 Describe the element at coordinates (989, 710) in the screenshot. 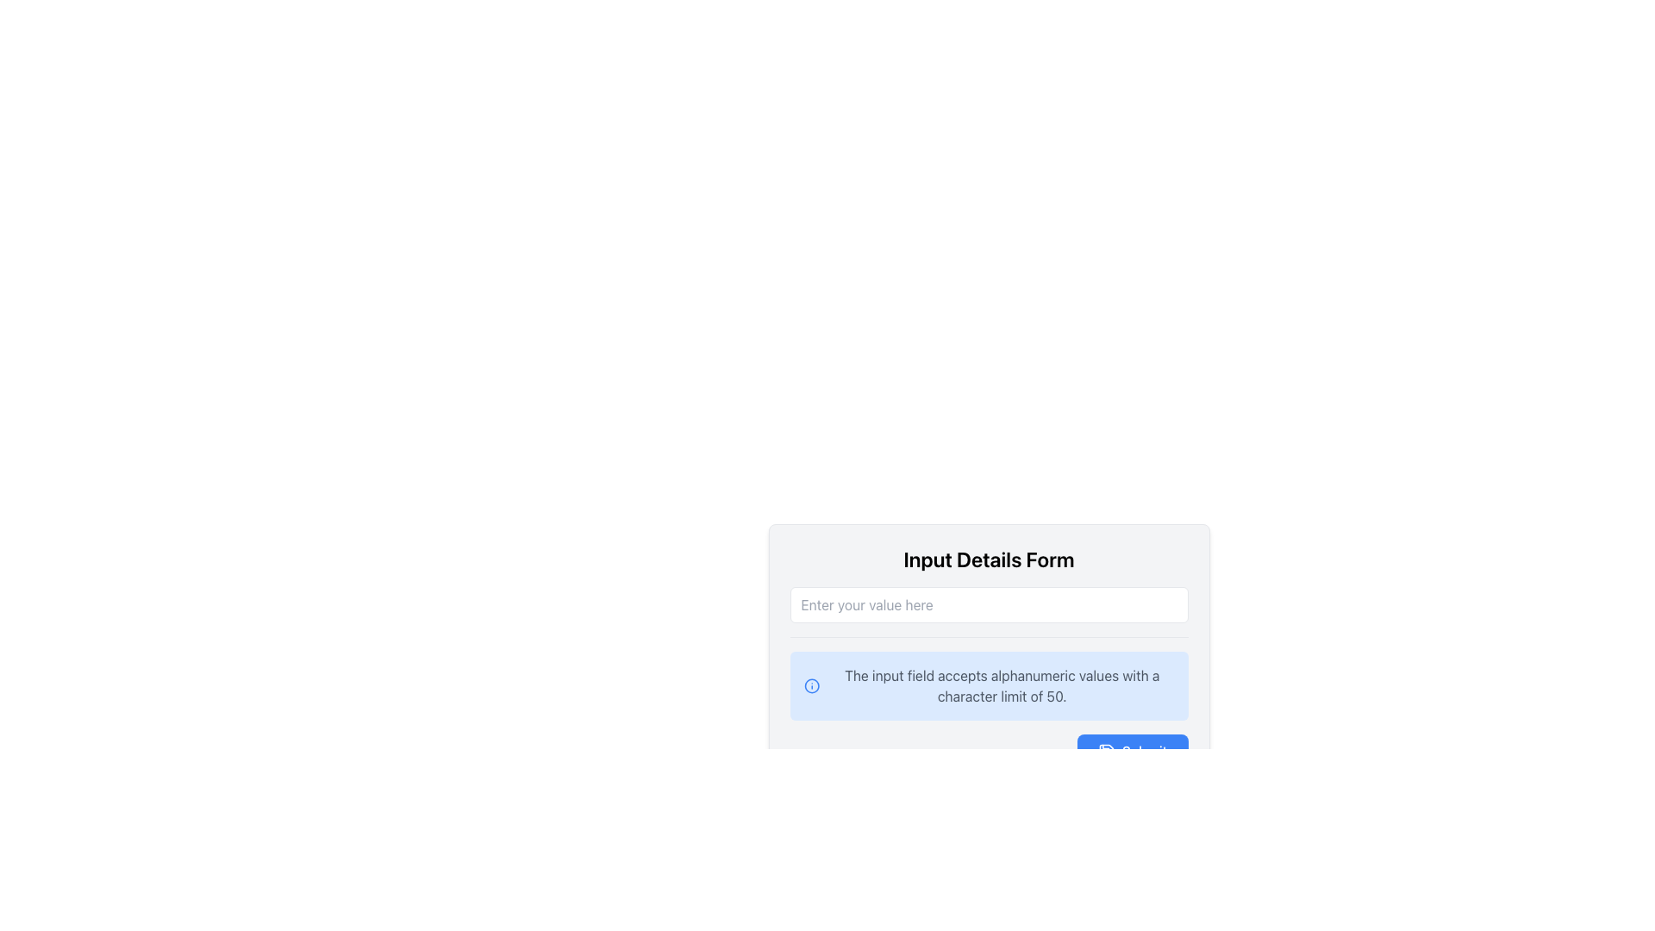

I see `the informational banner or tooltip with a blue background and rounded corners, located below the input field` at that location.